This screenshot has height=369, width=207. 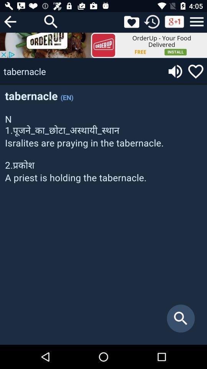 What do you see at coordinates (197, 21) in the screenshot?
I see `the menu icon` at bounding box center [197, 21].